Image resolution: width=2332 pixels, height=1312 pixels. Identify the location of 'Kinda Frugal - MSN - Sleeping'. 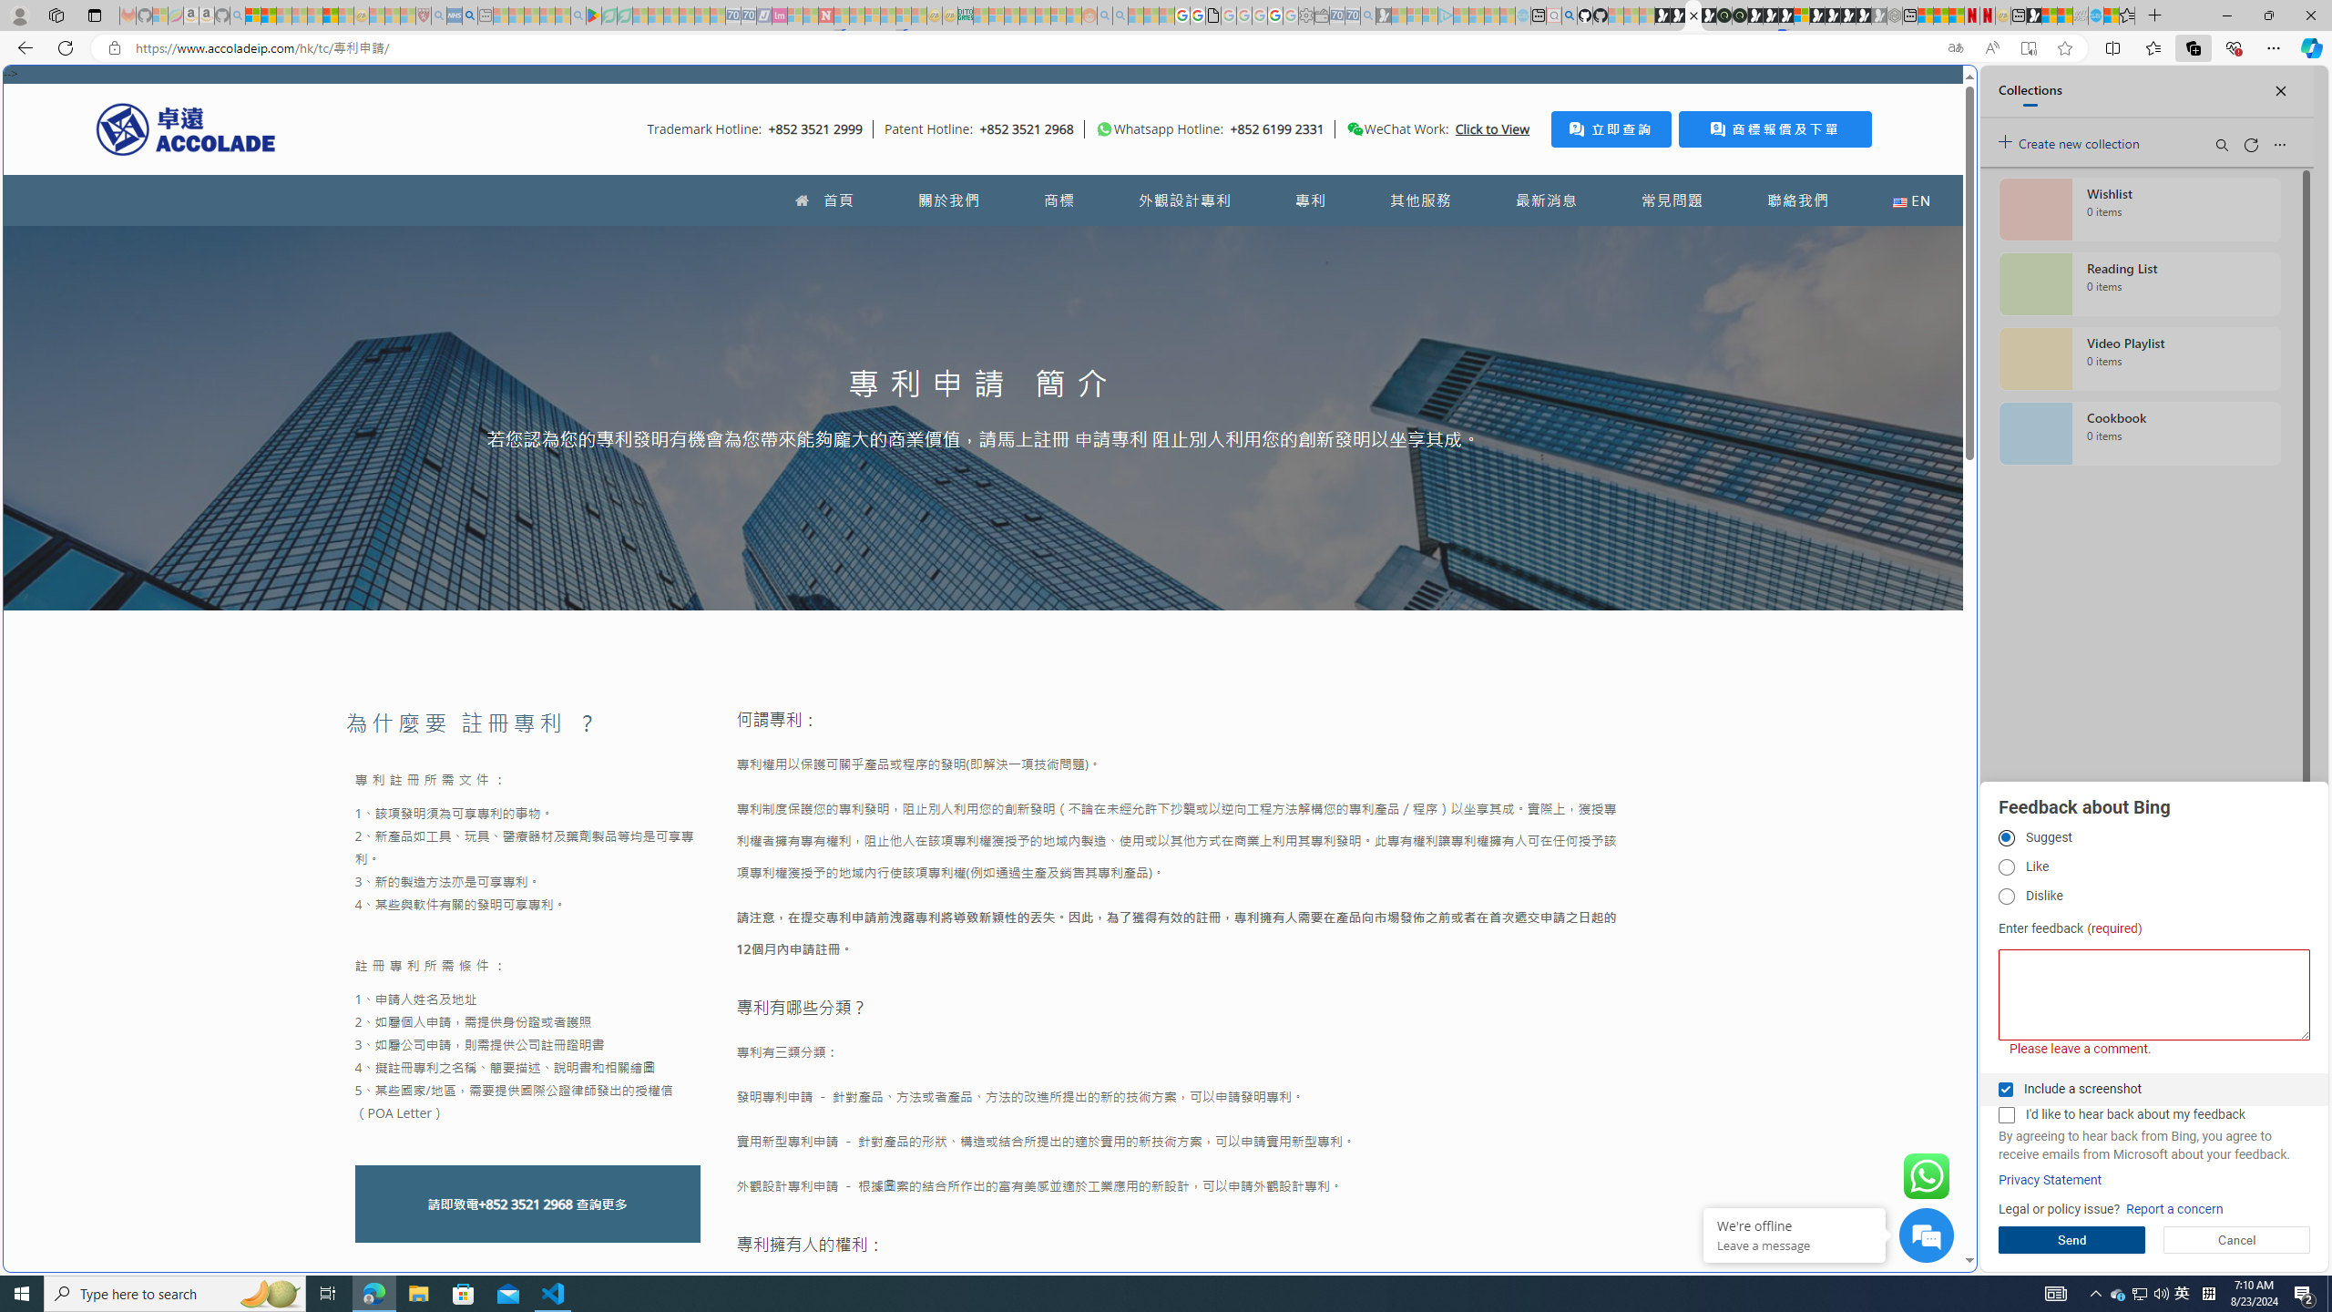
(1043, 15).